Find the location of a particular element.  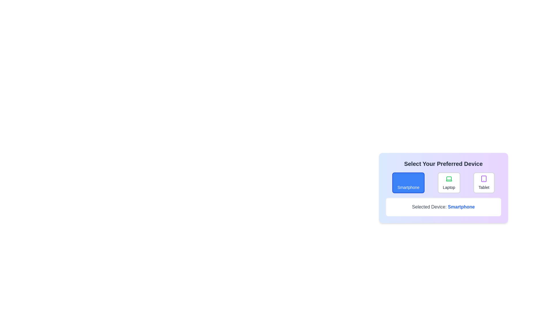

the 'Tablet' button, which is styled with a white background, gray border, and dark gray text, featuring a purple tablet icon above the label. It is the third button in a series of selectable buttons is located at coordinates (484, 183).